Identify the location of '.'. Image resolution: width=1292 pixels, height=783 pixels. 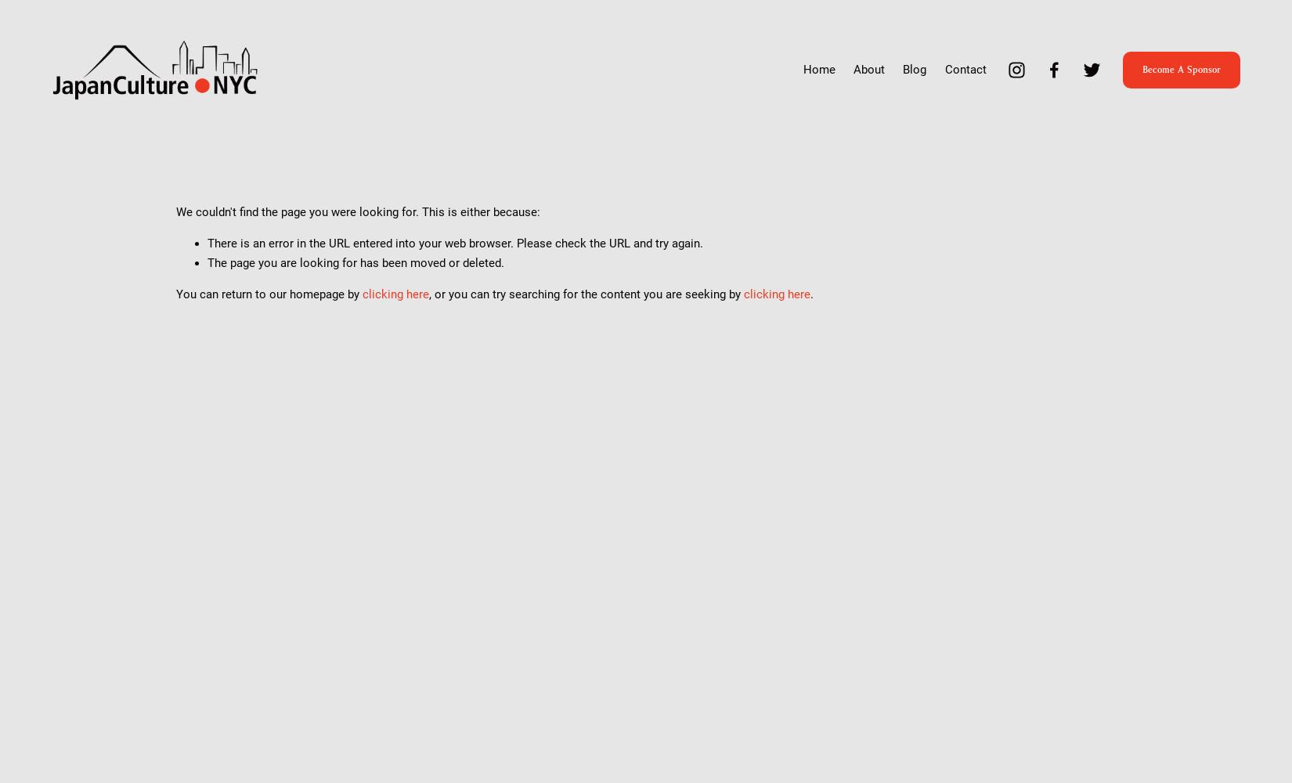
(812, 294).